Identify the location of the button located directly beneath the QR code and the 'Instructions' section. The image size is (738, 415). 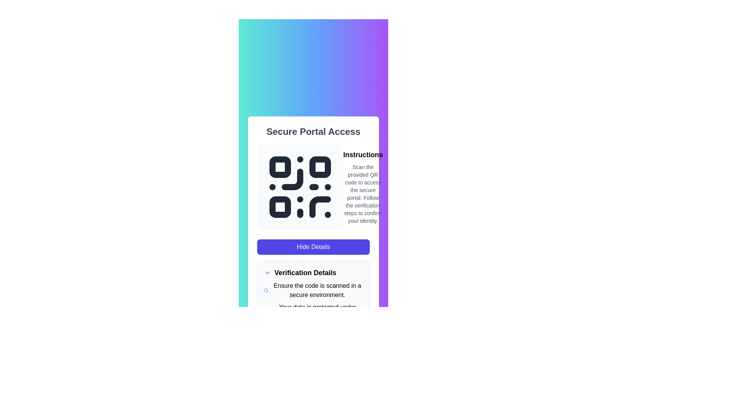
(313, 247).